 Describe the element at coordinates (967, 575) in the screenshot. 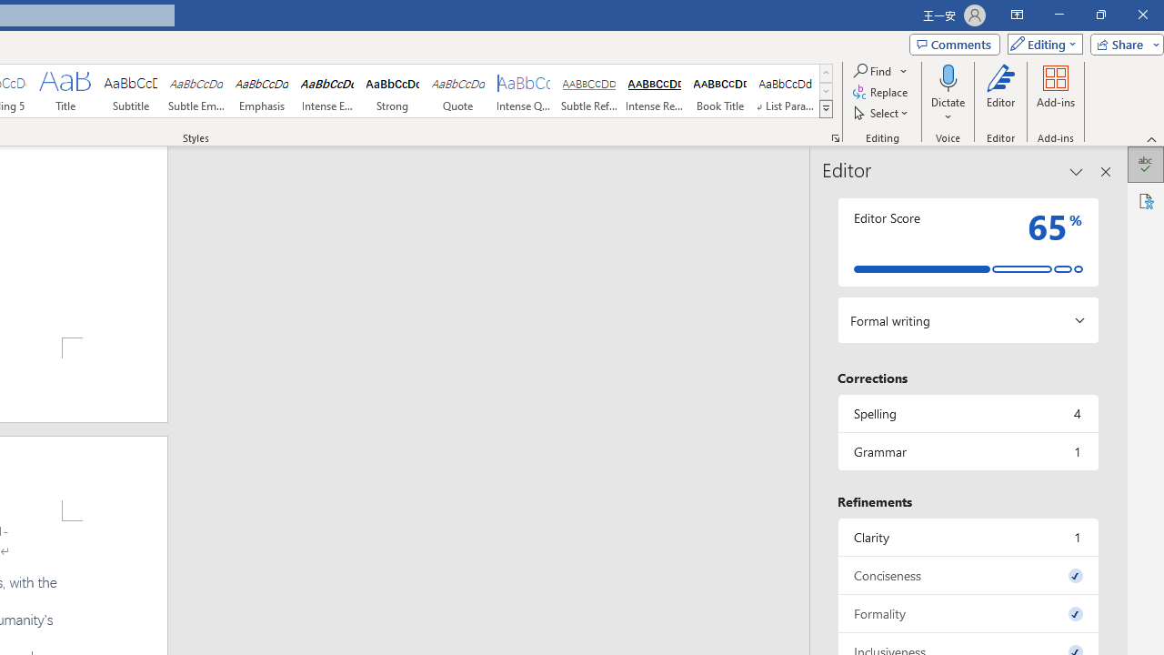

I see `'Conciseness, 0 issues. Press space or enter to review items.'` at that location.